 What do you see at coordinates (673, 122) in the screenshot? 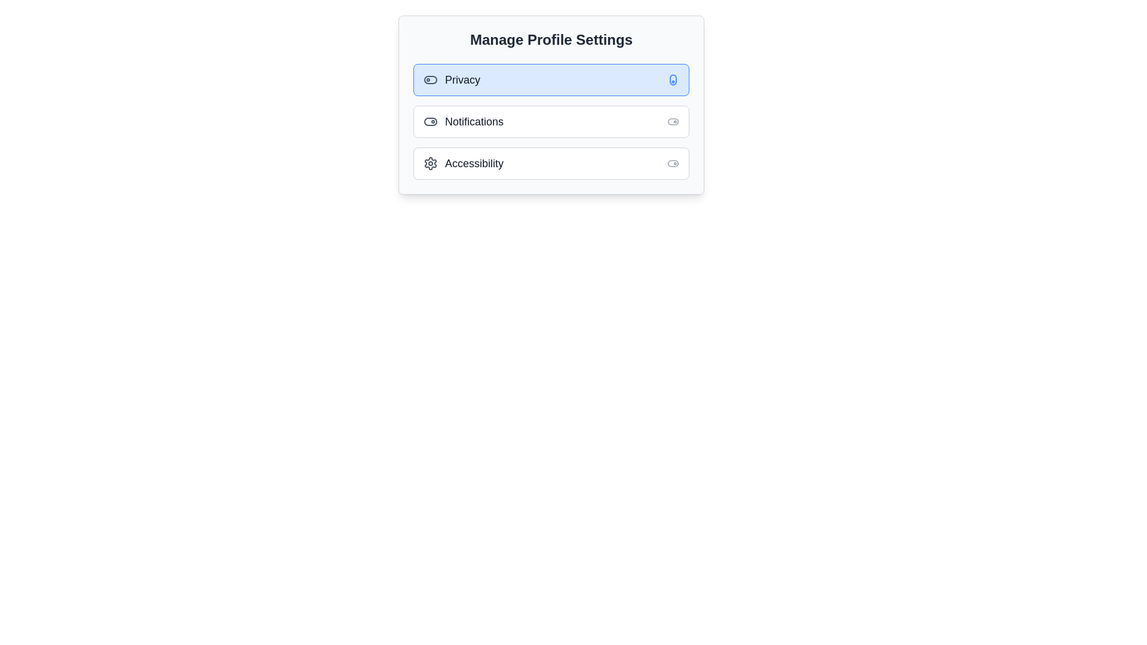
I see `the toggle switch located in the 'Notifications' section of the 'Manage Profile Settings' interface` at bounding box center [673, 122].